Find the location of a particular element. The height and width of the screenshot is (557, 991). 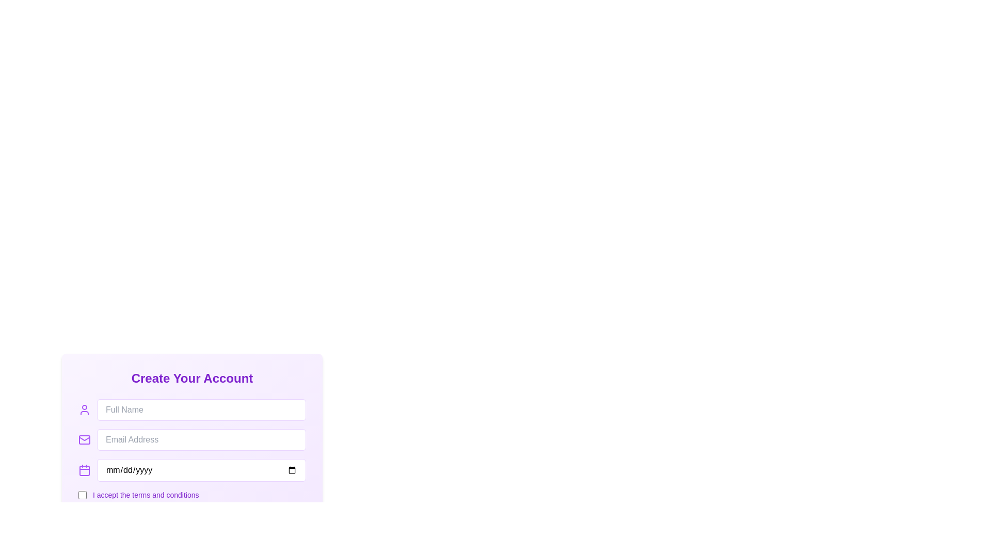

the informational label accompanying the checkbox for agreeing to terms and conditions located to the right of the checkbox in the registration form interface is located at coordinates (145, 495).